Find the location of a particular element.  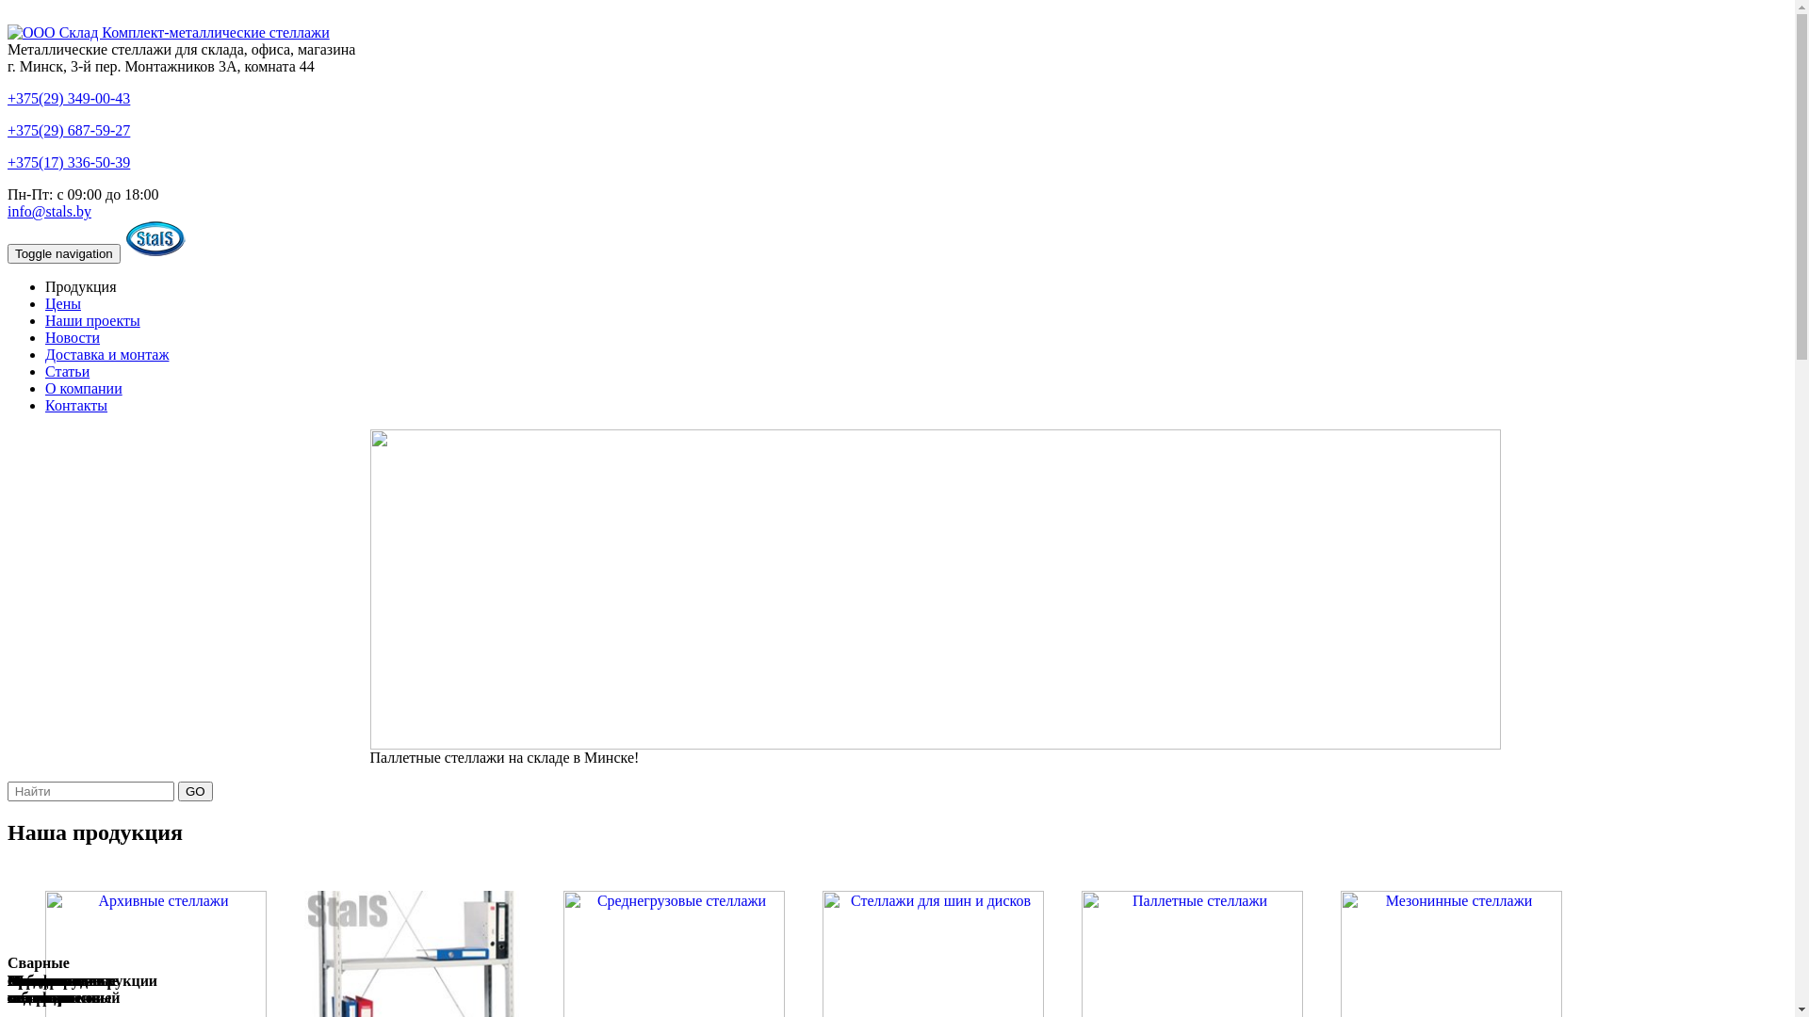

'+375(17) 336-50-39' is located at coordinates (68, 161).